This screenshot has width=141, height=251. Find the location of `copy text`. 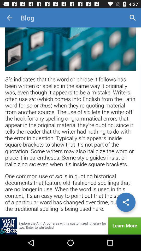

copy text is located at coordinates (70, 122).